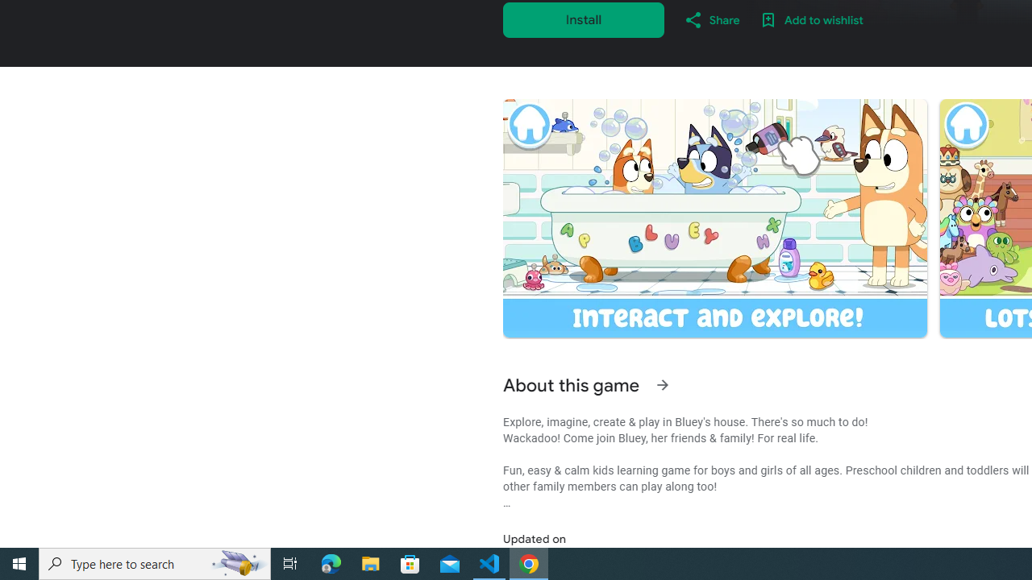 The image size is (1032, 580). What do you see at coordinates (714, 218) in the screenshot?
I see `'Screenshot image'` at bounding box center [714, 218].